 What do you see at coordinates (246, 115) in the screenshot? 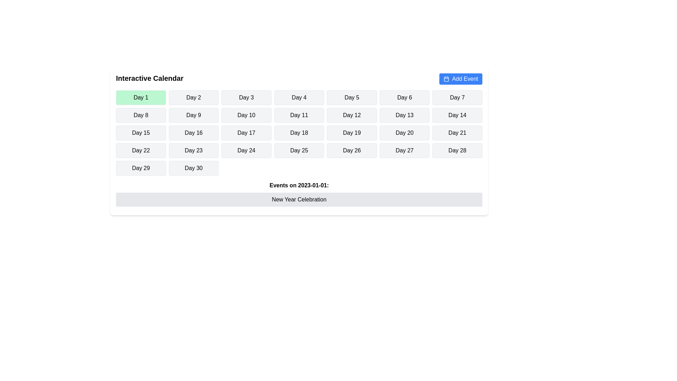
I see `the 10th day button in the interactive calendar` at bounding box center [246, 115].